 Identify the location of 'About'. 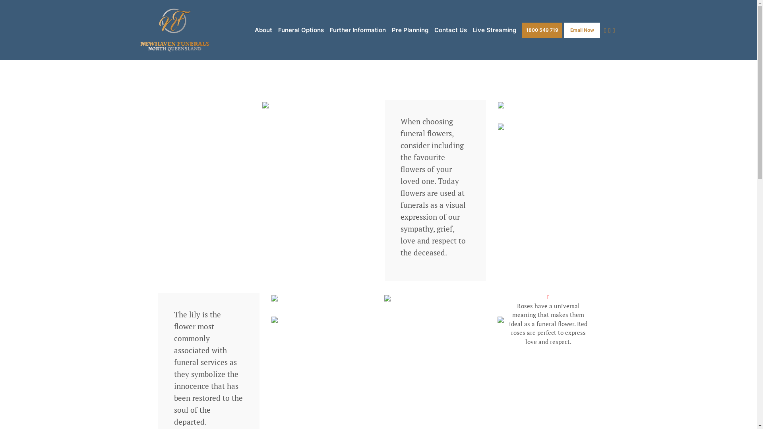
(263, 30).